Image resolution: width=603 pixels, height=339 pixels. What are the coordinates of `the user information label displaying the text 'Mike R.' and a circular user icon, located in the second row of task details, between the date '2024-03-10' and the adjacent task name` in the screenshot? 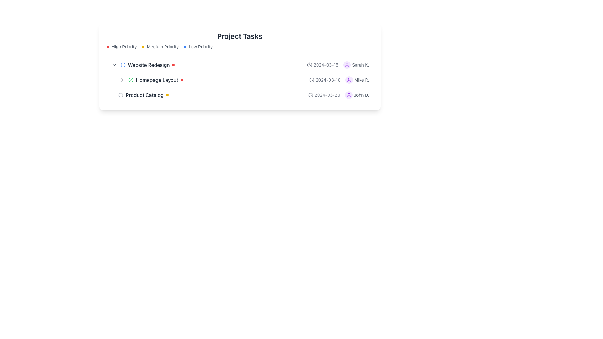 It's located at (357, 79).